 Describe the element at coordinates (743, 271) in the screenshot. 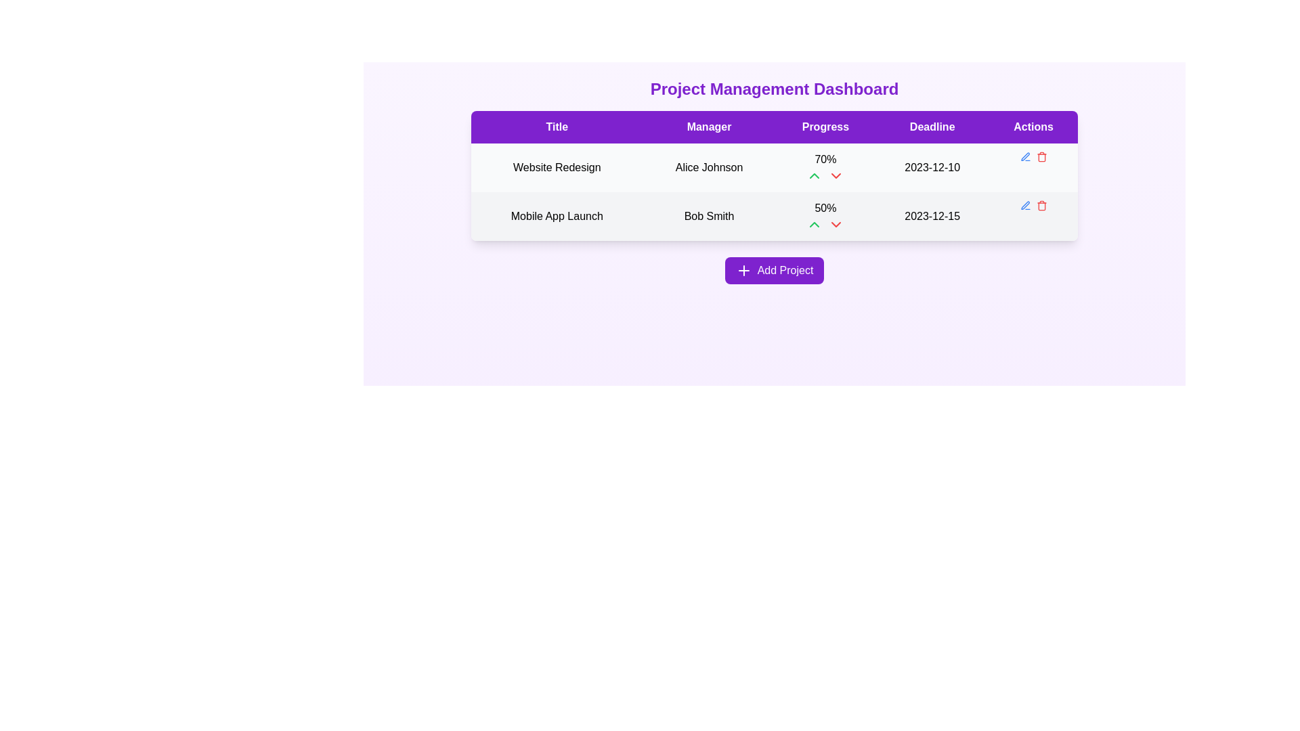

I see `the small, purple-colored, plus-shaped SVG icon located within the violet 'Add Project' button` at that location.